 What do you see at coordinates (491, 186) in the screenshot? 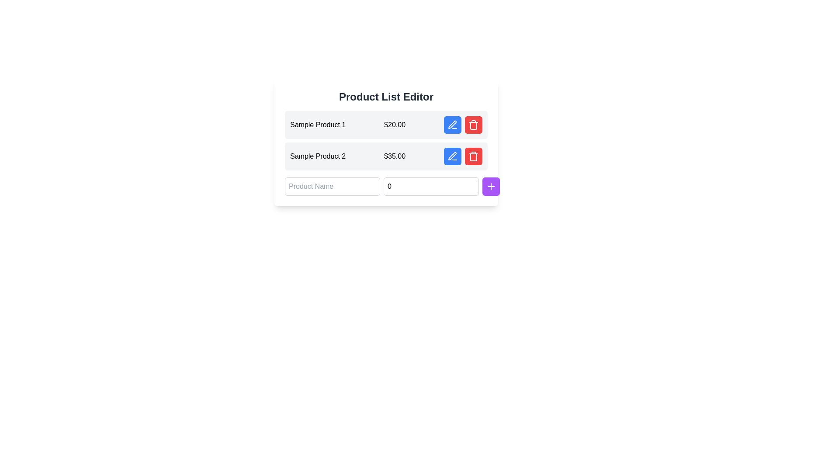
I see `the button located at the bottom-right of the input fields for 'Product Name' and 'Product Price'` at bounding box center [491, 186].